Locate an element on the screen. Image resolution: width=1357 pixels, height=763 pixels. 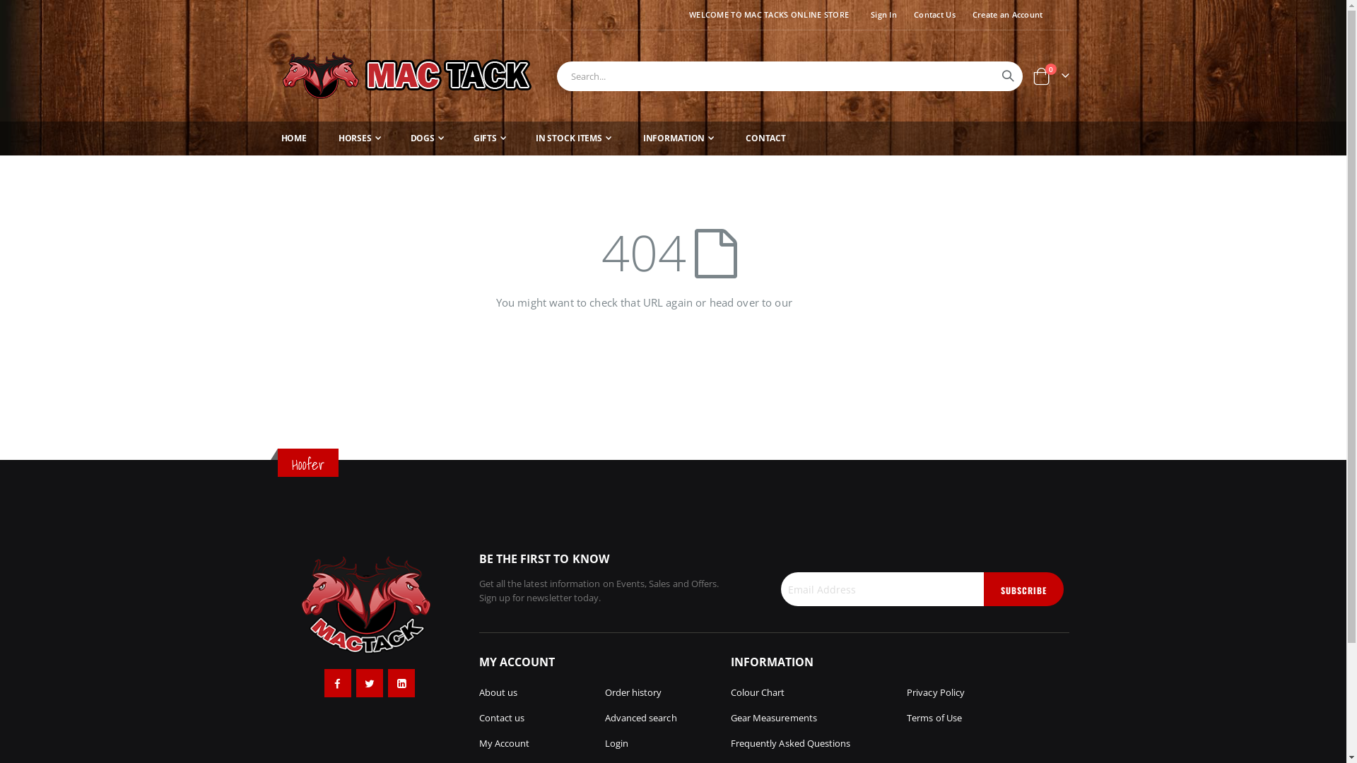
'Gear Measurements' is located at coordinates (773, 717).